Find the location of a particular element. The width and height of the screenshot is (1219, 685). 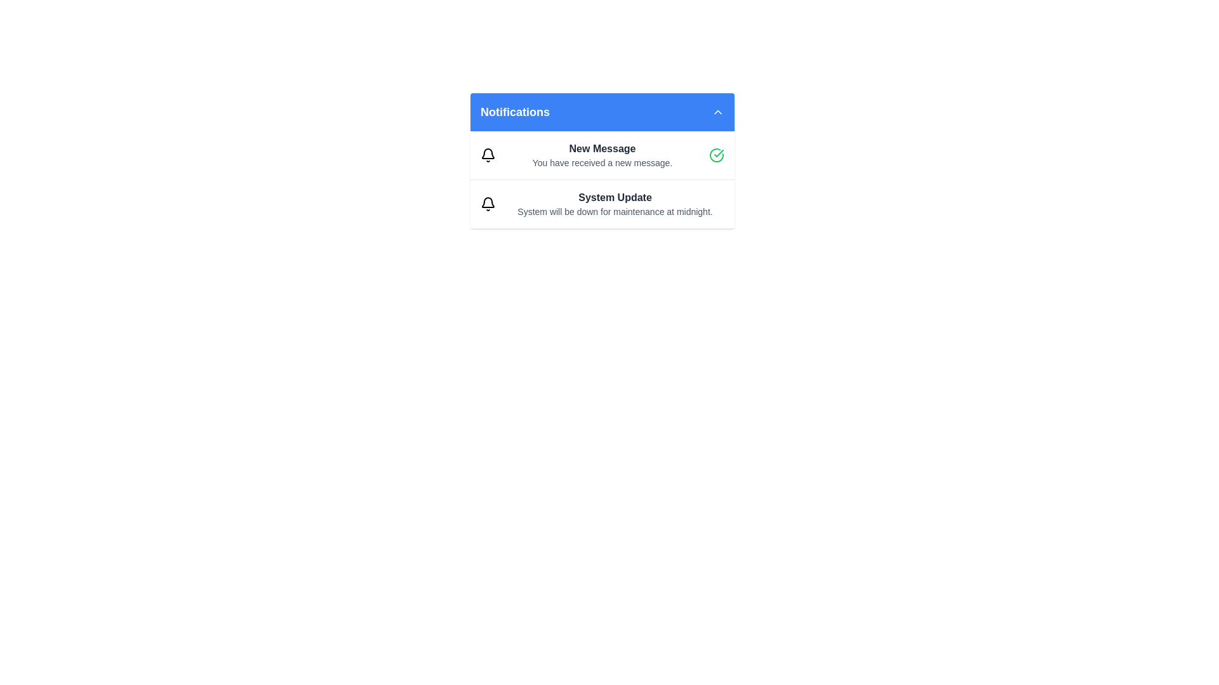

the 'System Update' text label, which is styled with a bold font and is dark gray, located in the middle of the second notification card under the 'Notifications' header is located at coordinates (615, 198).